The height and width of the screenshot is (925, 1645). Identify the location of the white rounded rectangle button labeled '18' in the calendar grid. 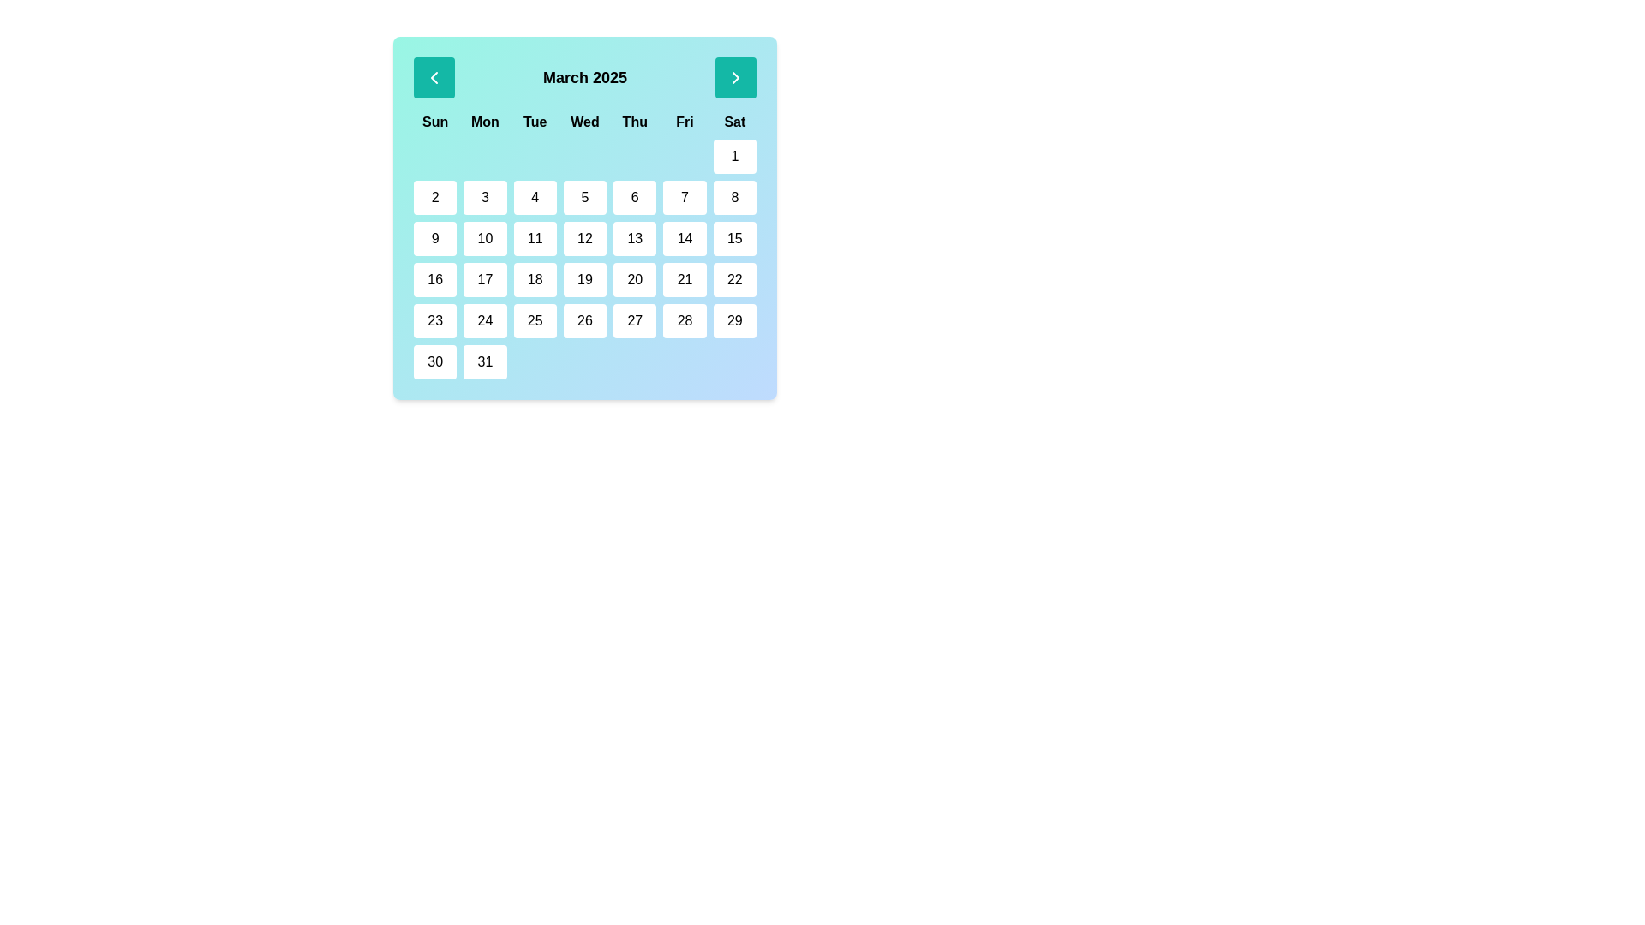
(534, 279).